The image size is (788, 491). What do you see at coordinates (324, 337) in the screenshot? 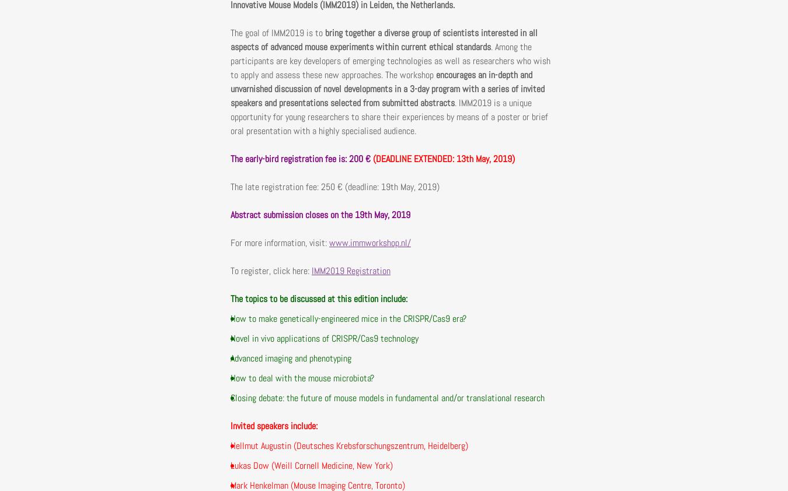
I see `'Novel in vivo applications of CRISPR/Cas9 technology'` at bounding box center [324, 337].